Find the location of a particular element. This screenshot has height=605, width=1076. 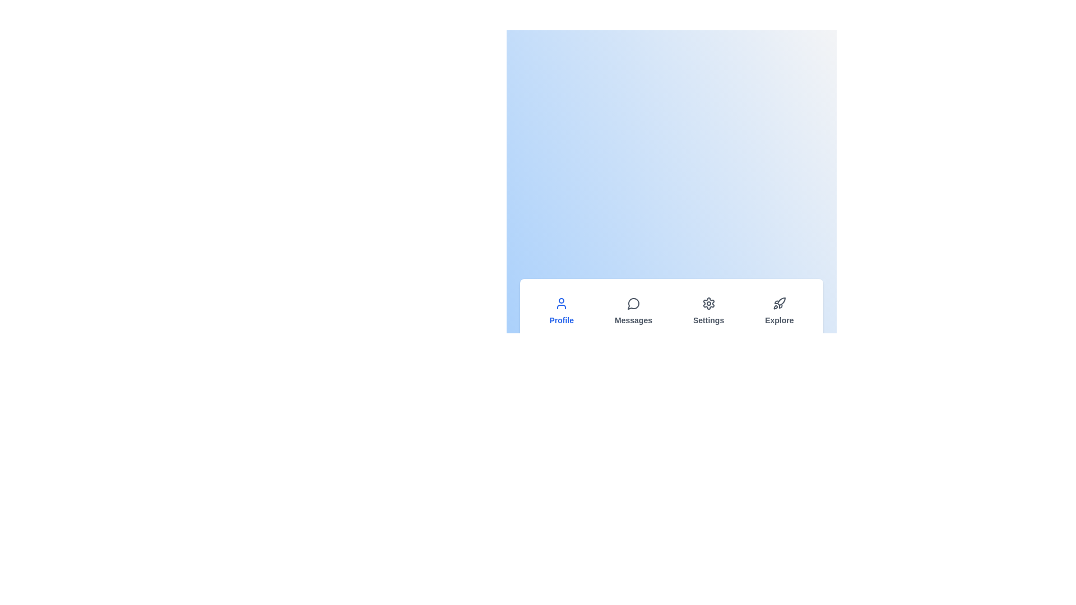

the tab labeled Messages to observe the hover effect is located at coordinates (633, 311).